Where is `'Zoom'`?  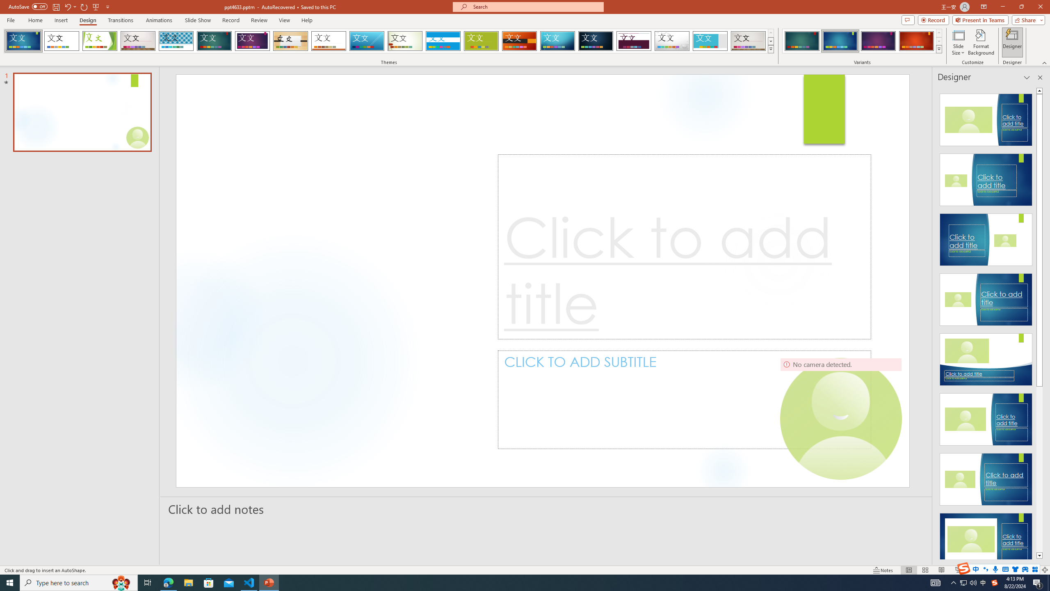 'Zoom' is located at coordinates (995, 570).